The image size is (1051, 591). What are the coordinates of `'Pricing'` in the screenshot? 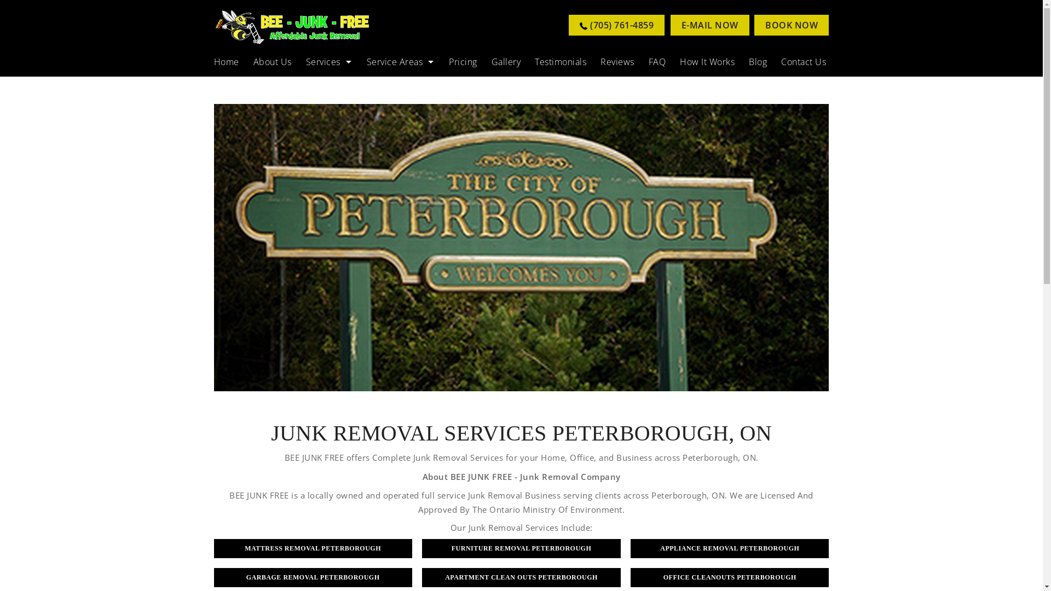 It's located at (463, 62).